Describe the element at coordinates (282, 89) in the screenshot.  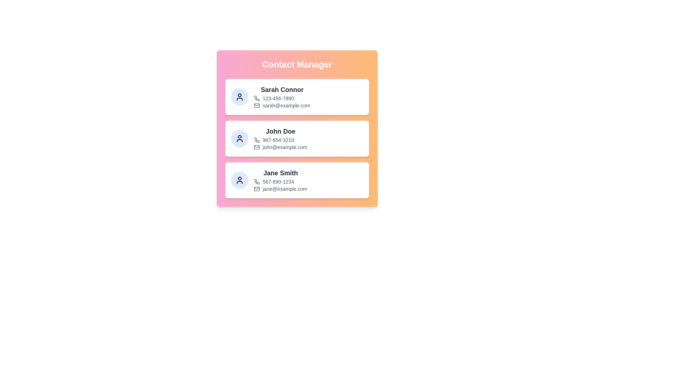
I see `the contact name text for Sarah Connor` at that location.